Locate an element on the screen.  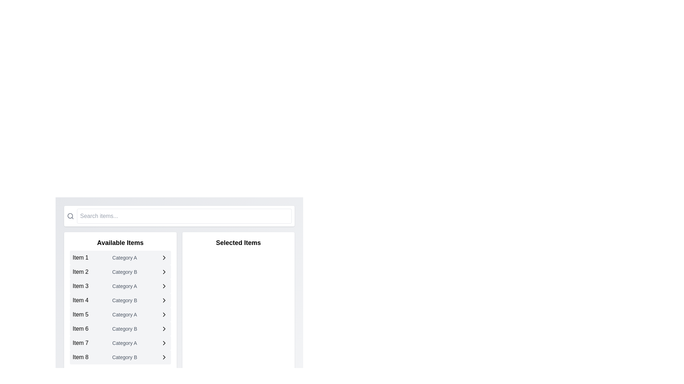
the text indicating the category associated with 'Item 8', which is located under 'Available Items' in the left column is located at coordinates (125, 357).